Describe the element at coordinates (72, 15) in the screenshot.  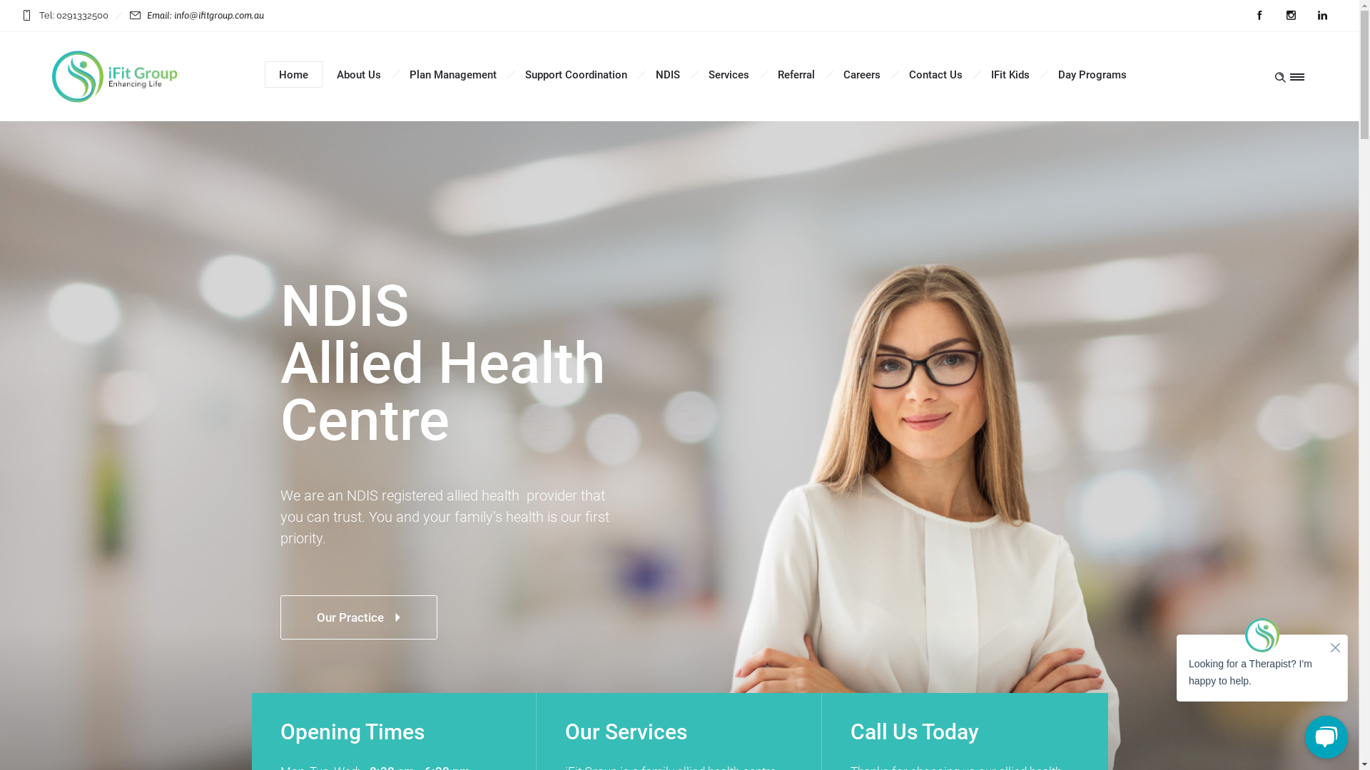
I see `'Tel: 0291332500'` at that location.